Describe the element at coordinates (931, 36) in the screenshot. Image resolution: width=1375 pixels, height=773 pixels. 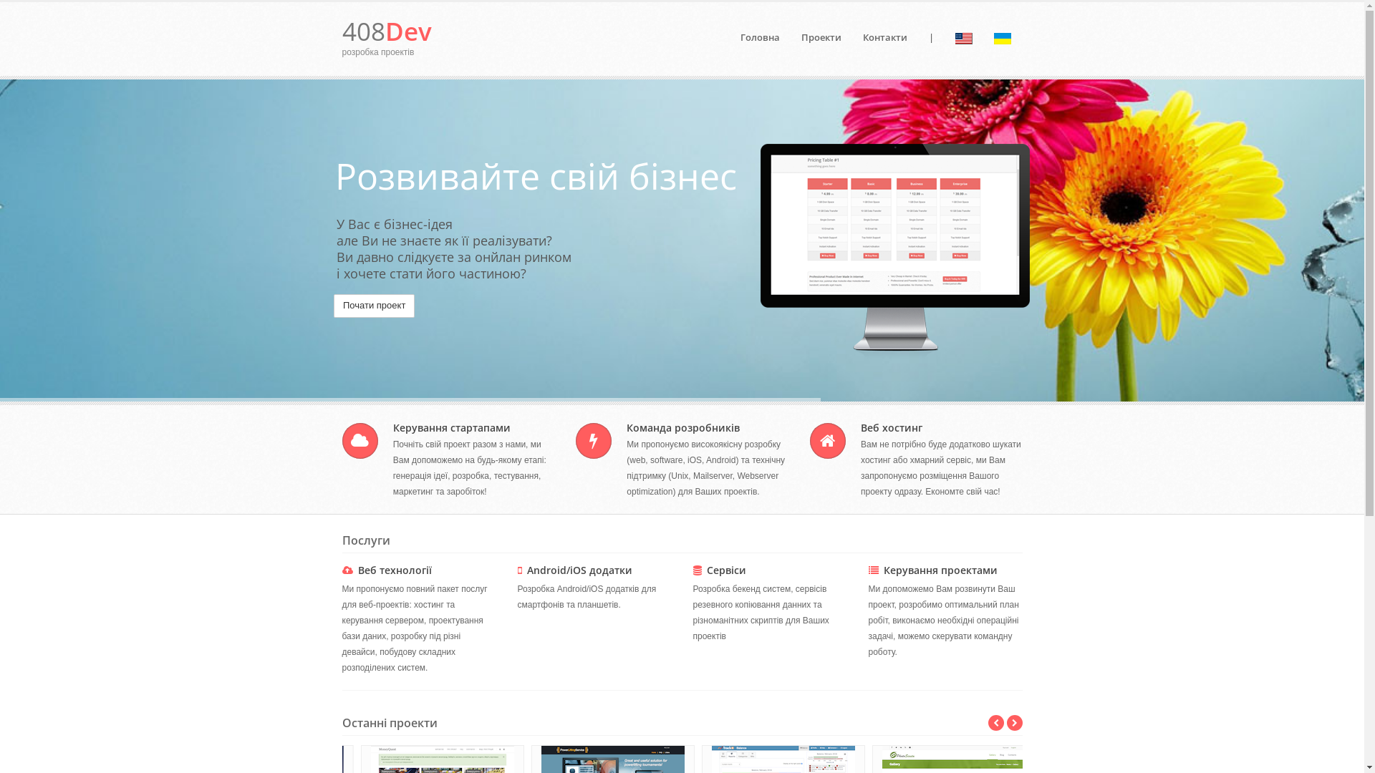
I see `'|'` at that location.